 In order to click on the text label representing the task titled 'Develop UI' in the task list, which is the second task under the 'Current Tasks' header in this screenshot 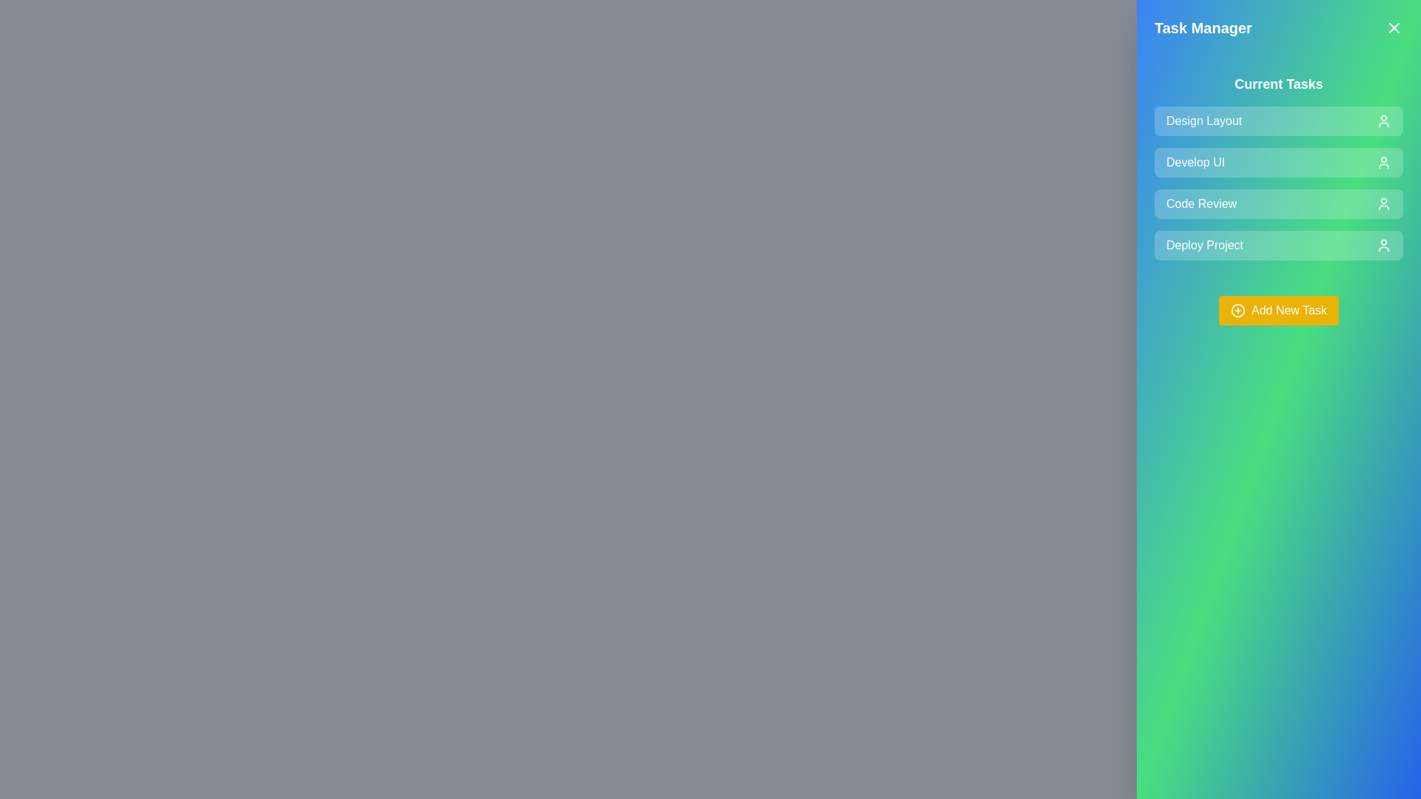, I will do `click(1195, 162)`.